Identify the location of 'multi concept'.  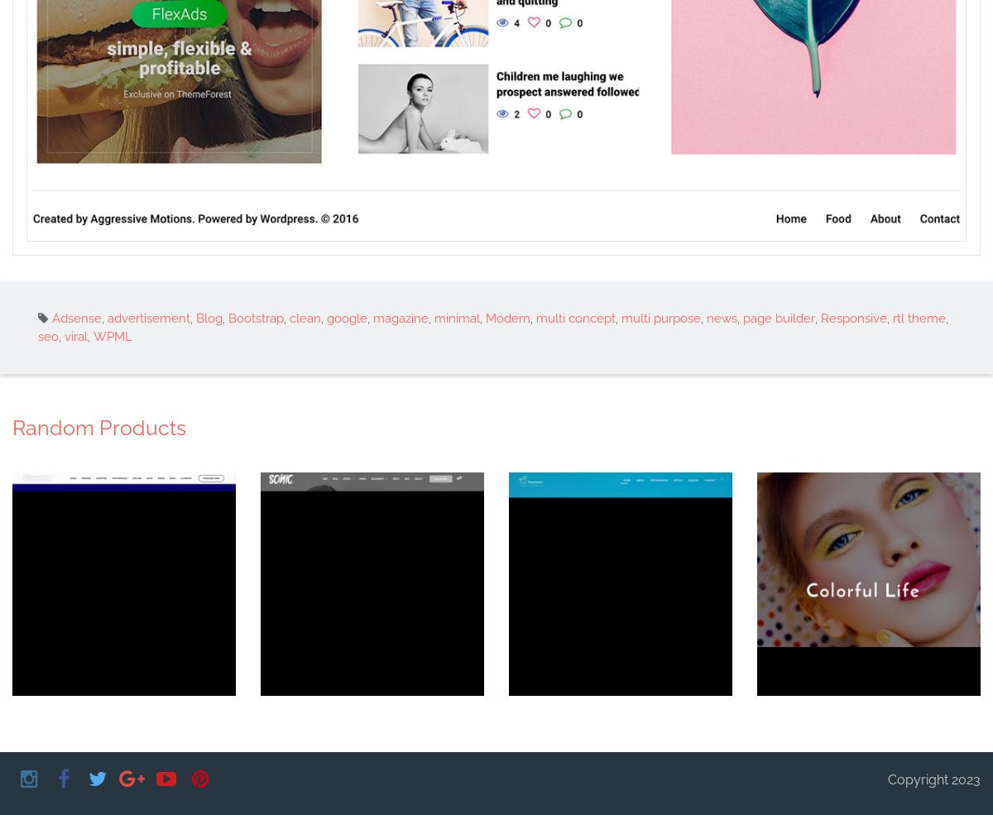
(536, 317).